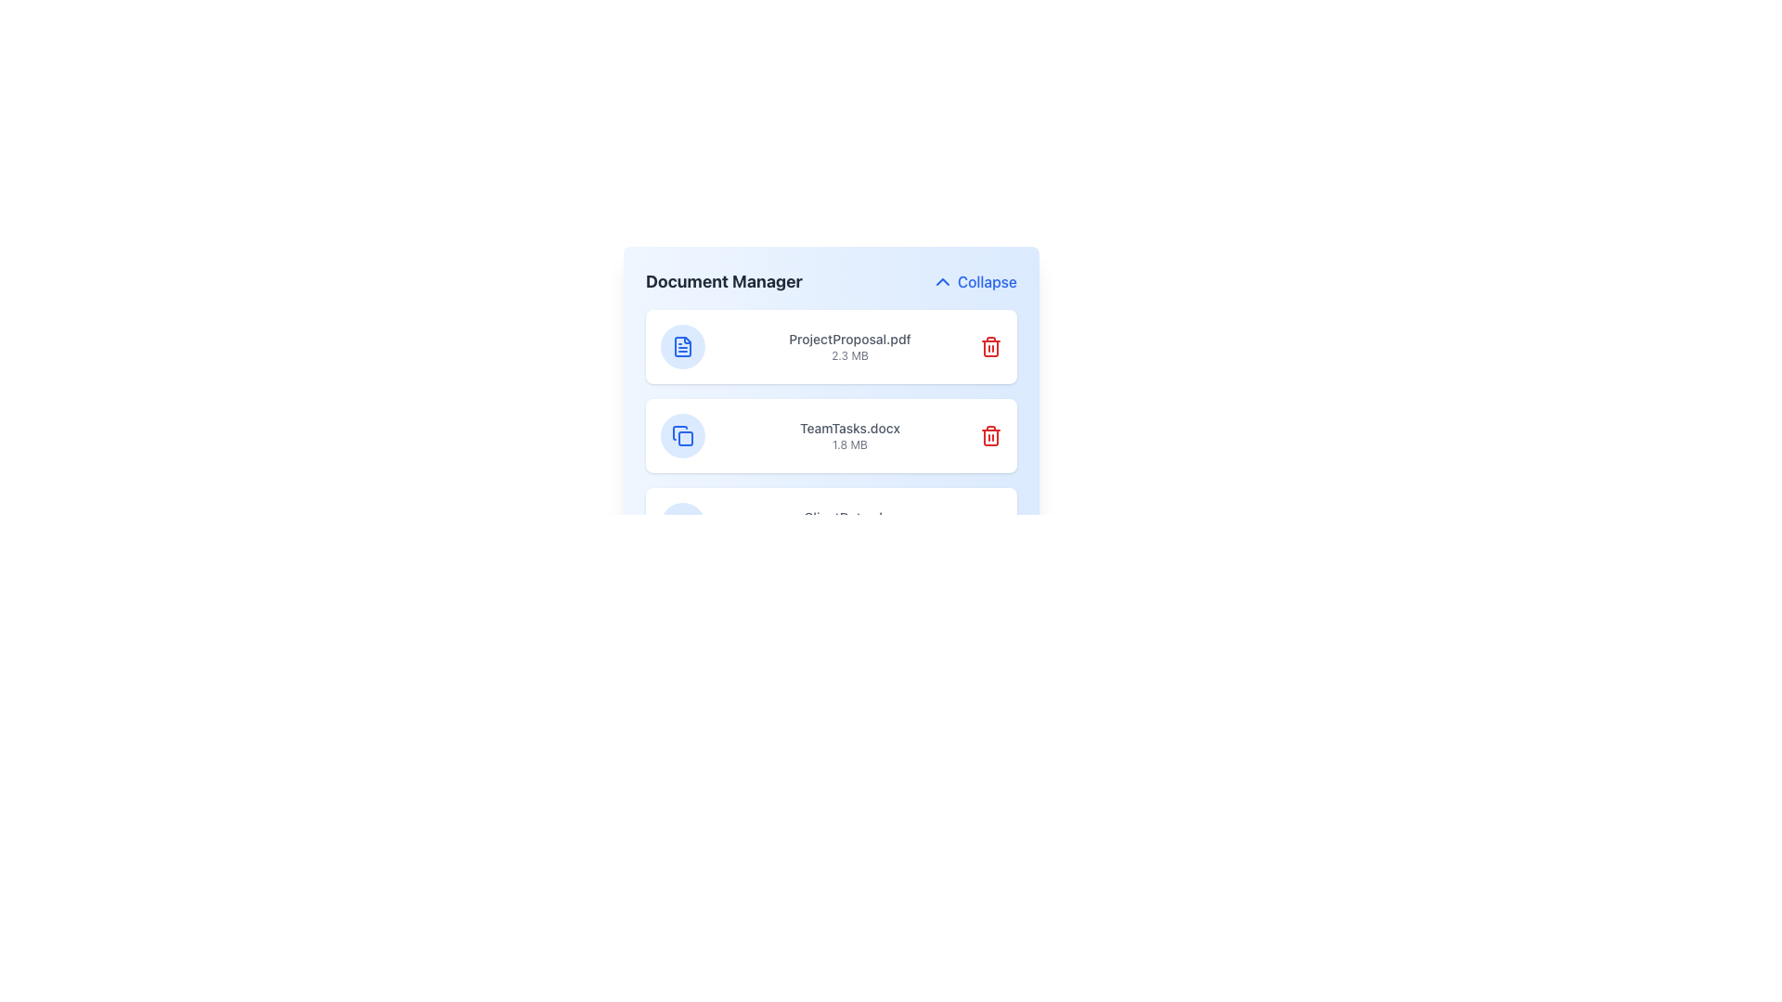 The width and height of the screenshot is (1782, 1002). What do you see at coordinates (681, 347) in the screenshot?
I see `the first document icon in the 'Document Manager' panel` at bounding box center [681, 347].